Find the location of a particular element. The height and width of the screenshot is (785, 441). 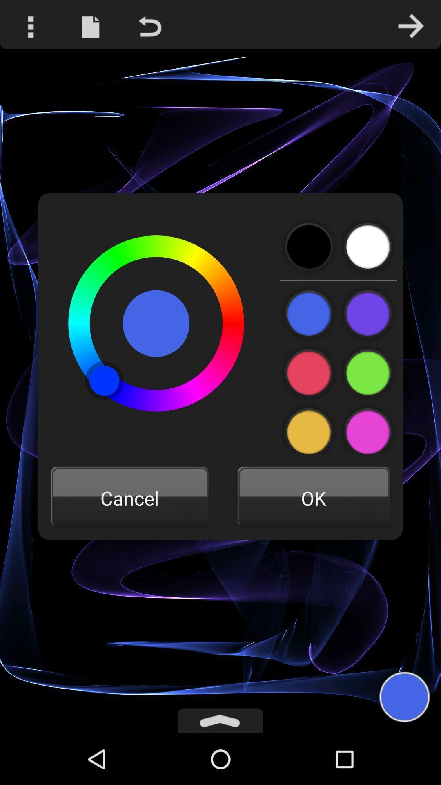

the color is located at coordinates (368, 428).